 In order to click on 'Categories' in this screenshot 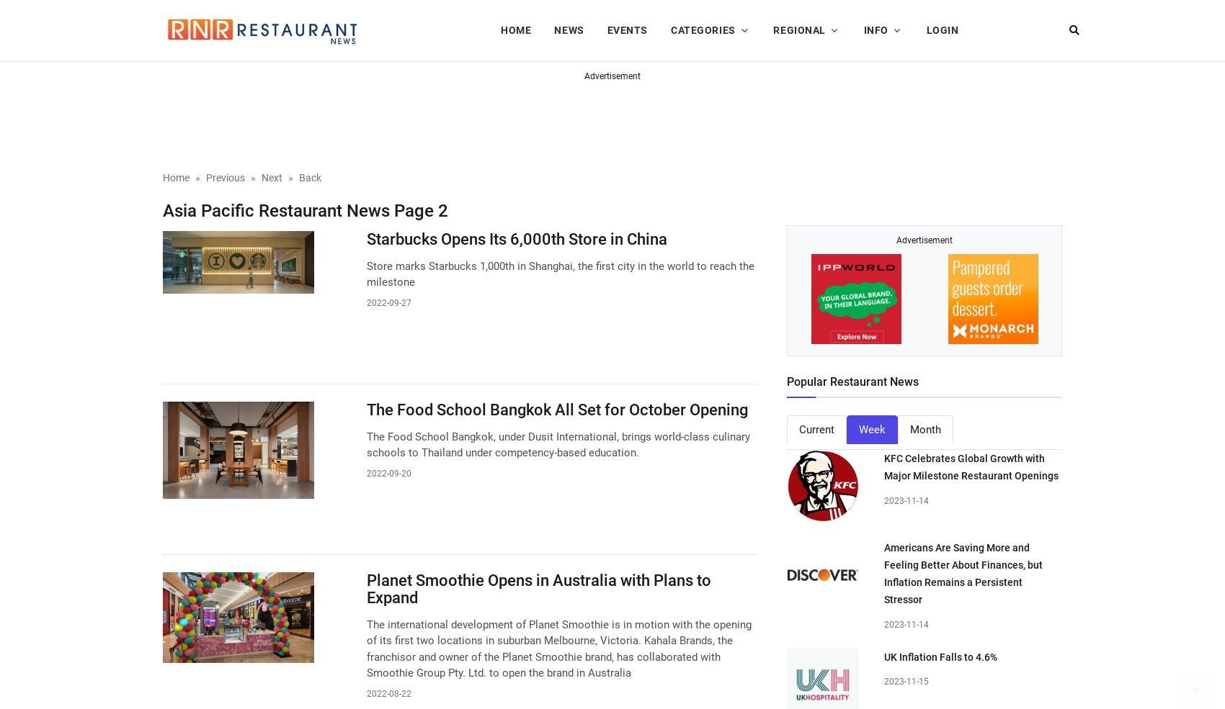, I will do `click(702, 29)`.